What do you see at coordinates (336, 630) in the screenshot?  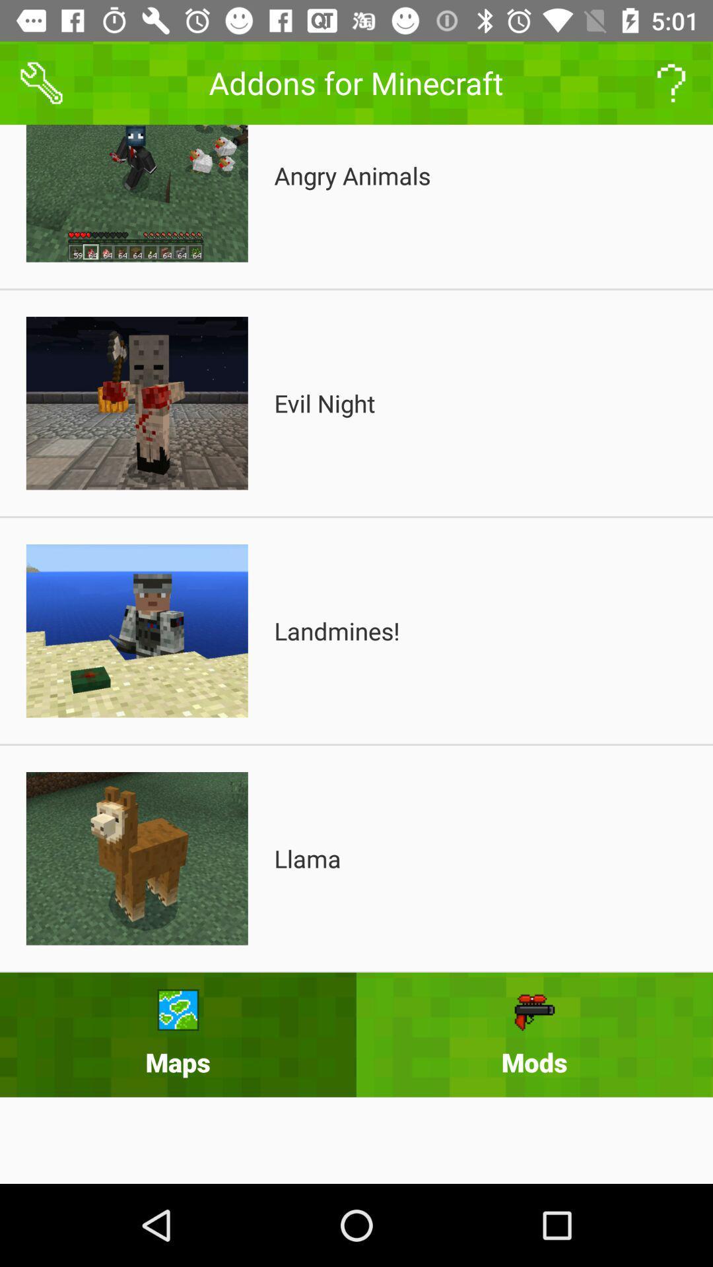 I see `item at the center` at bounding box center [336, 630].